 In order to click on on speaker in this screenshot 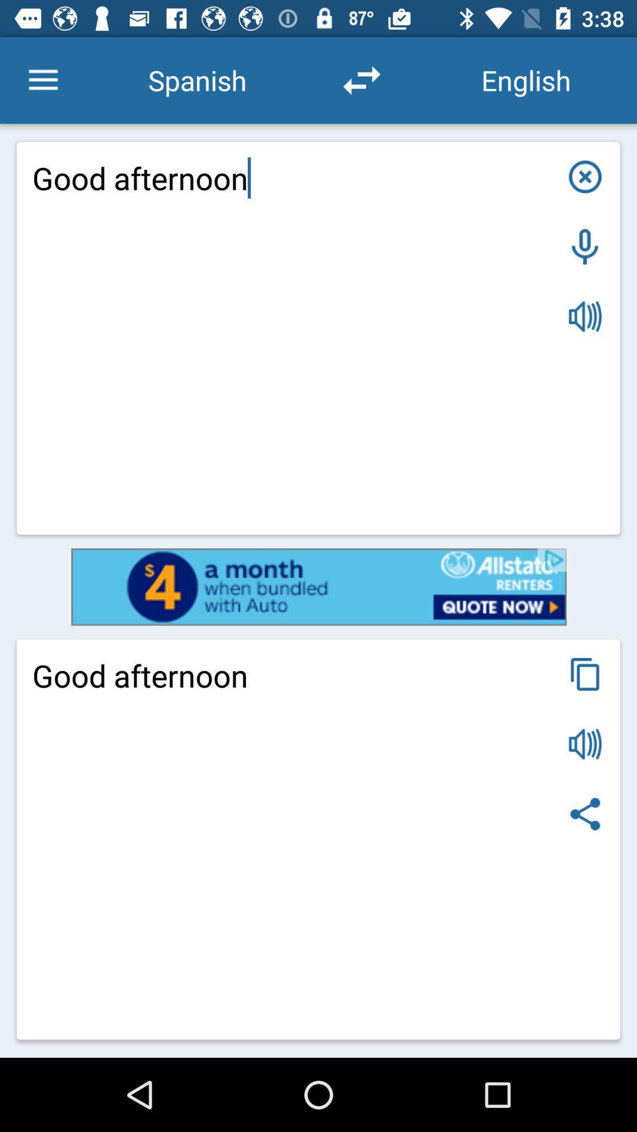, I will do `click(585, 317)`.